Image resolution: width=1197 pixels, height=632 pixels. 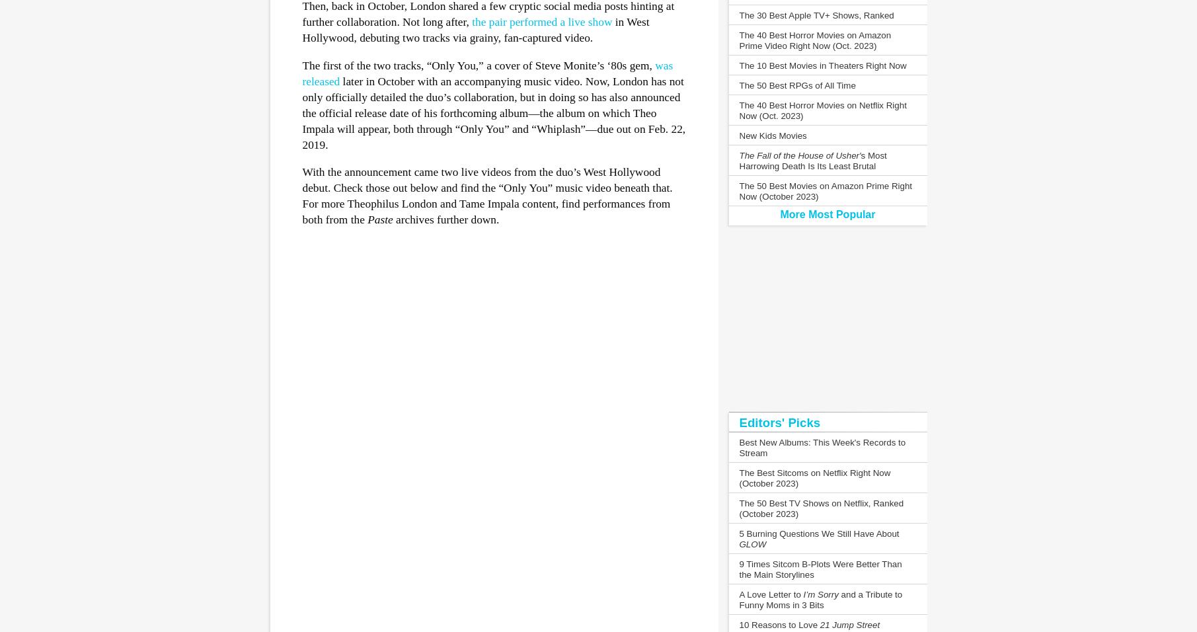 What do you see at coordinates (738, 422) in the screenshot?
I see `'Editors' Picks'` at bounding box center [738, 422].